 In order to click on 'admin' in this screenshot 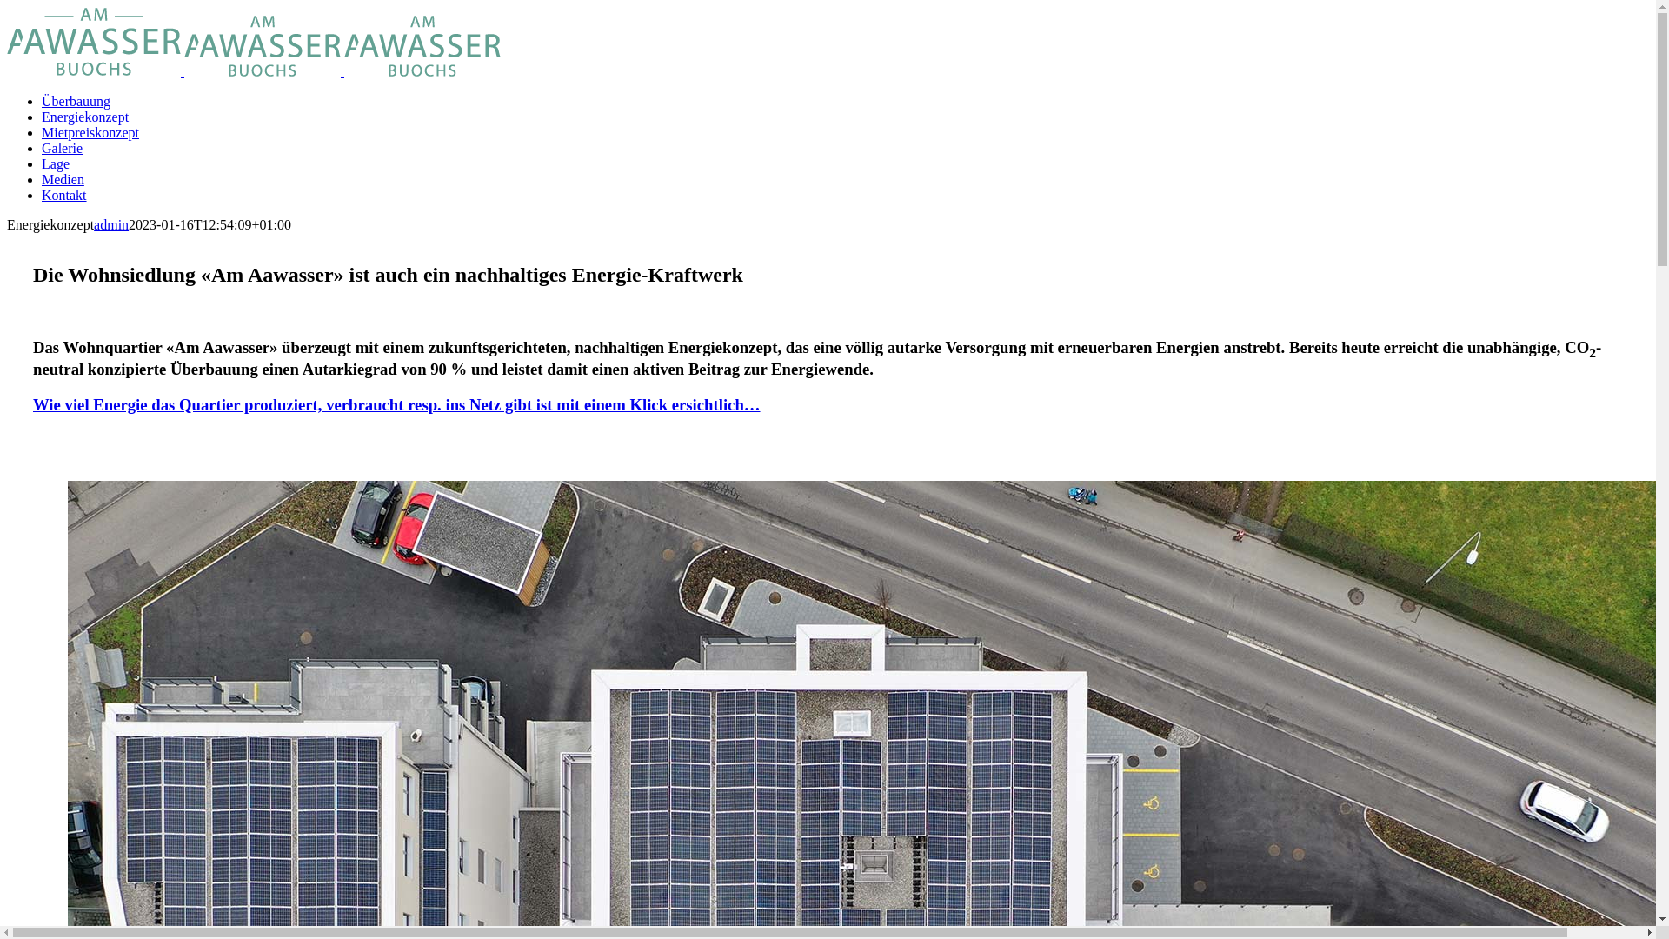, I will do `click(110, 223)`.